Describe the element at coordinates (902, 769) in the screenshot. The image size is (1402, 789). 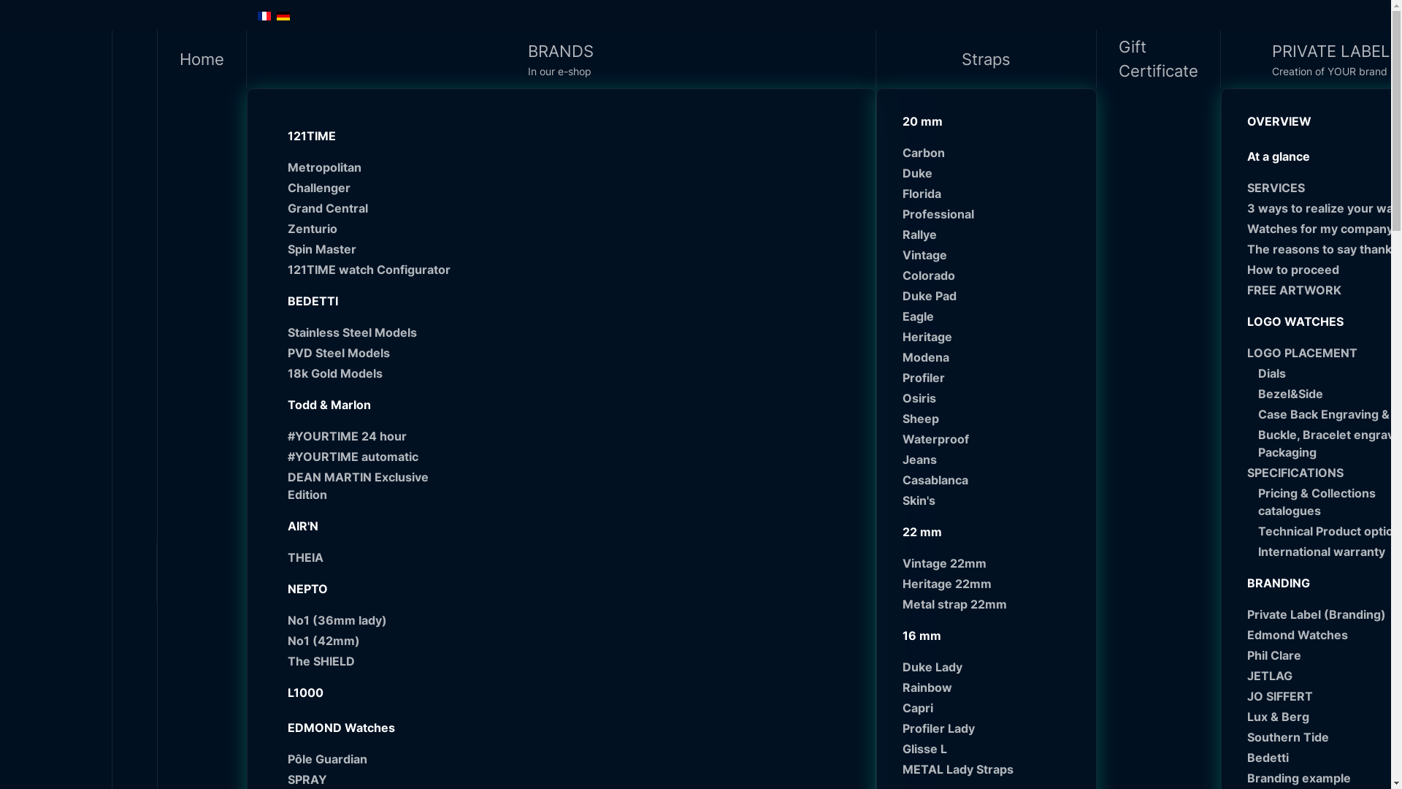
I see `'METAL Lady Straps'` at that location.